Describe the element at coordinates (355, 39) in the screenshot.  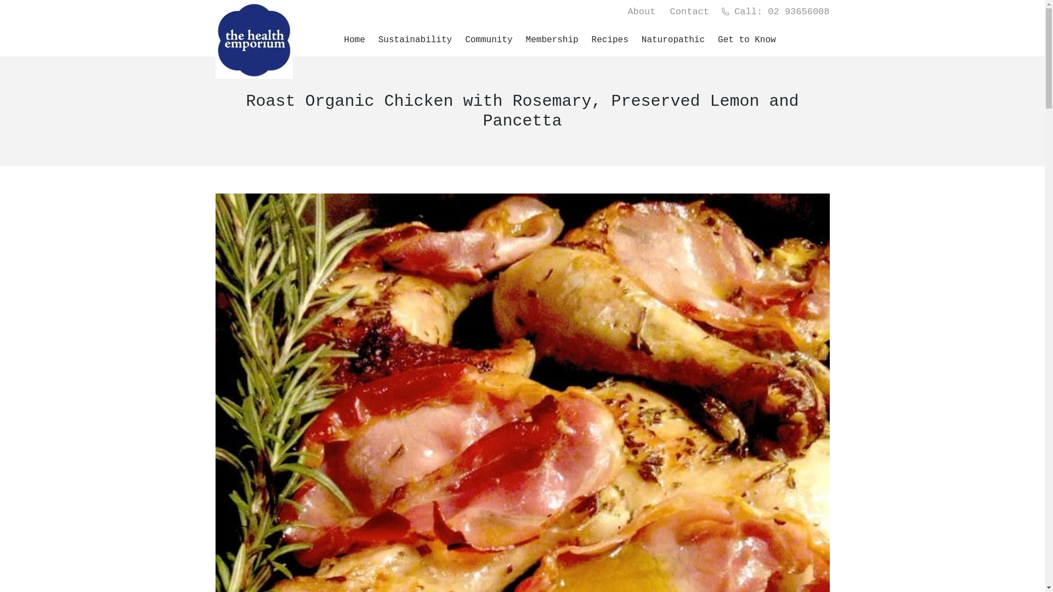
I see `'Home'` at that location.